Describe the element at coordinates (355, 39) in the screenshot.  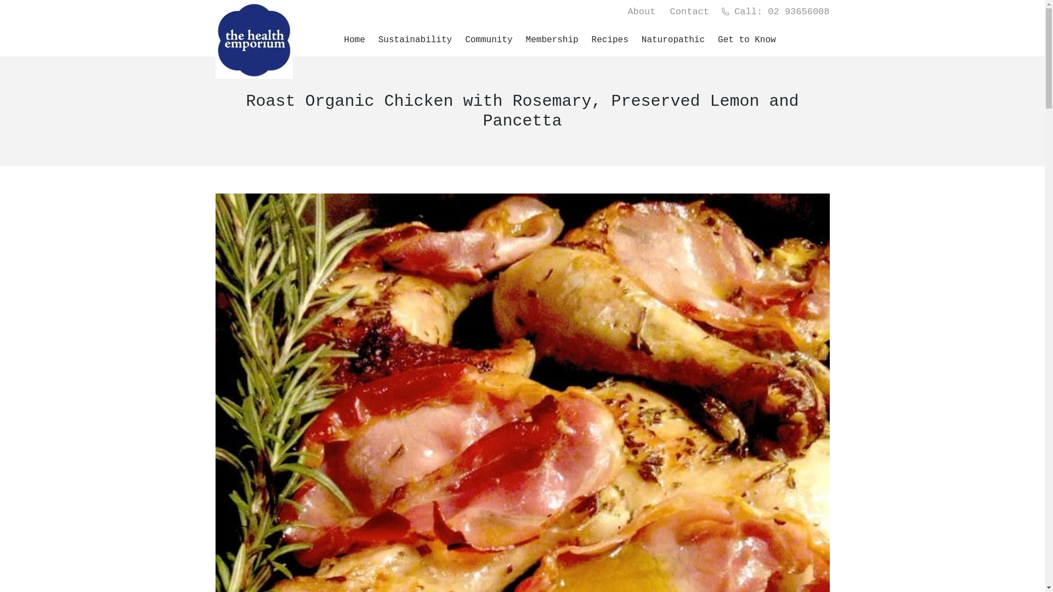
I see `'Home'` at that location.